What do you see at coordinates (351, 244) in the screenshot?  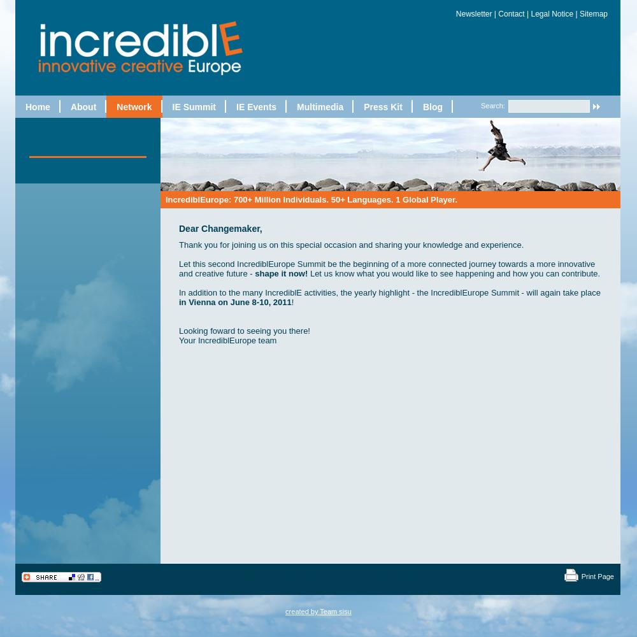 I see `'Thank you for joining us on this special occasion and sharing your knowledge and experience.'` at bounding box center [351, 244].